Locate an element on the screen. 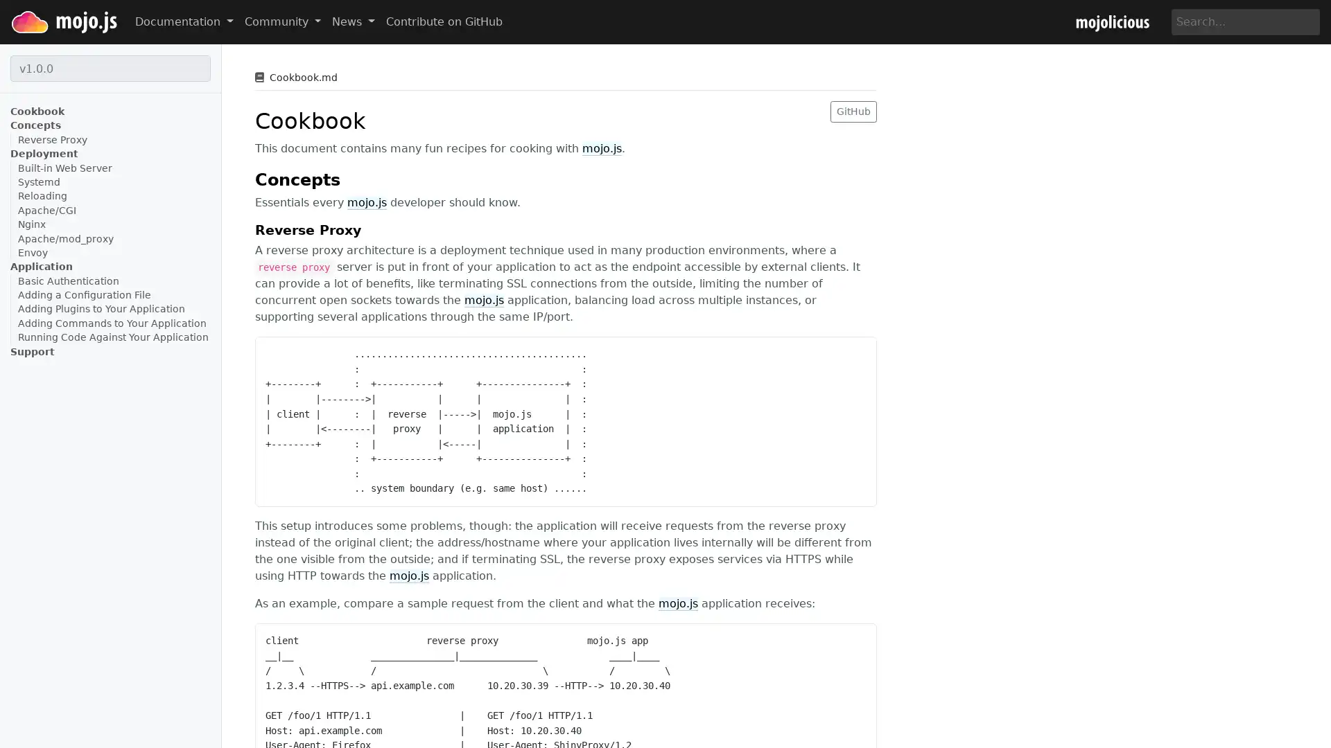 The height and width of the screenshot is (748, 1331). GitHub is located at coordinates (853, 110).